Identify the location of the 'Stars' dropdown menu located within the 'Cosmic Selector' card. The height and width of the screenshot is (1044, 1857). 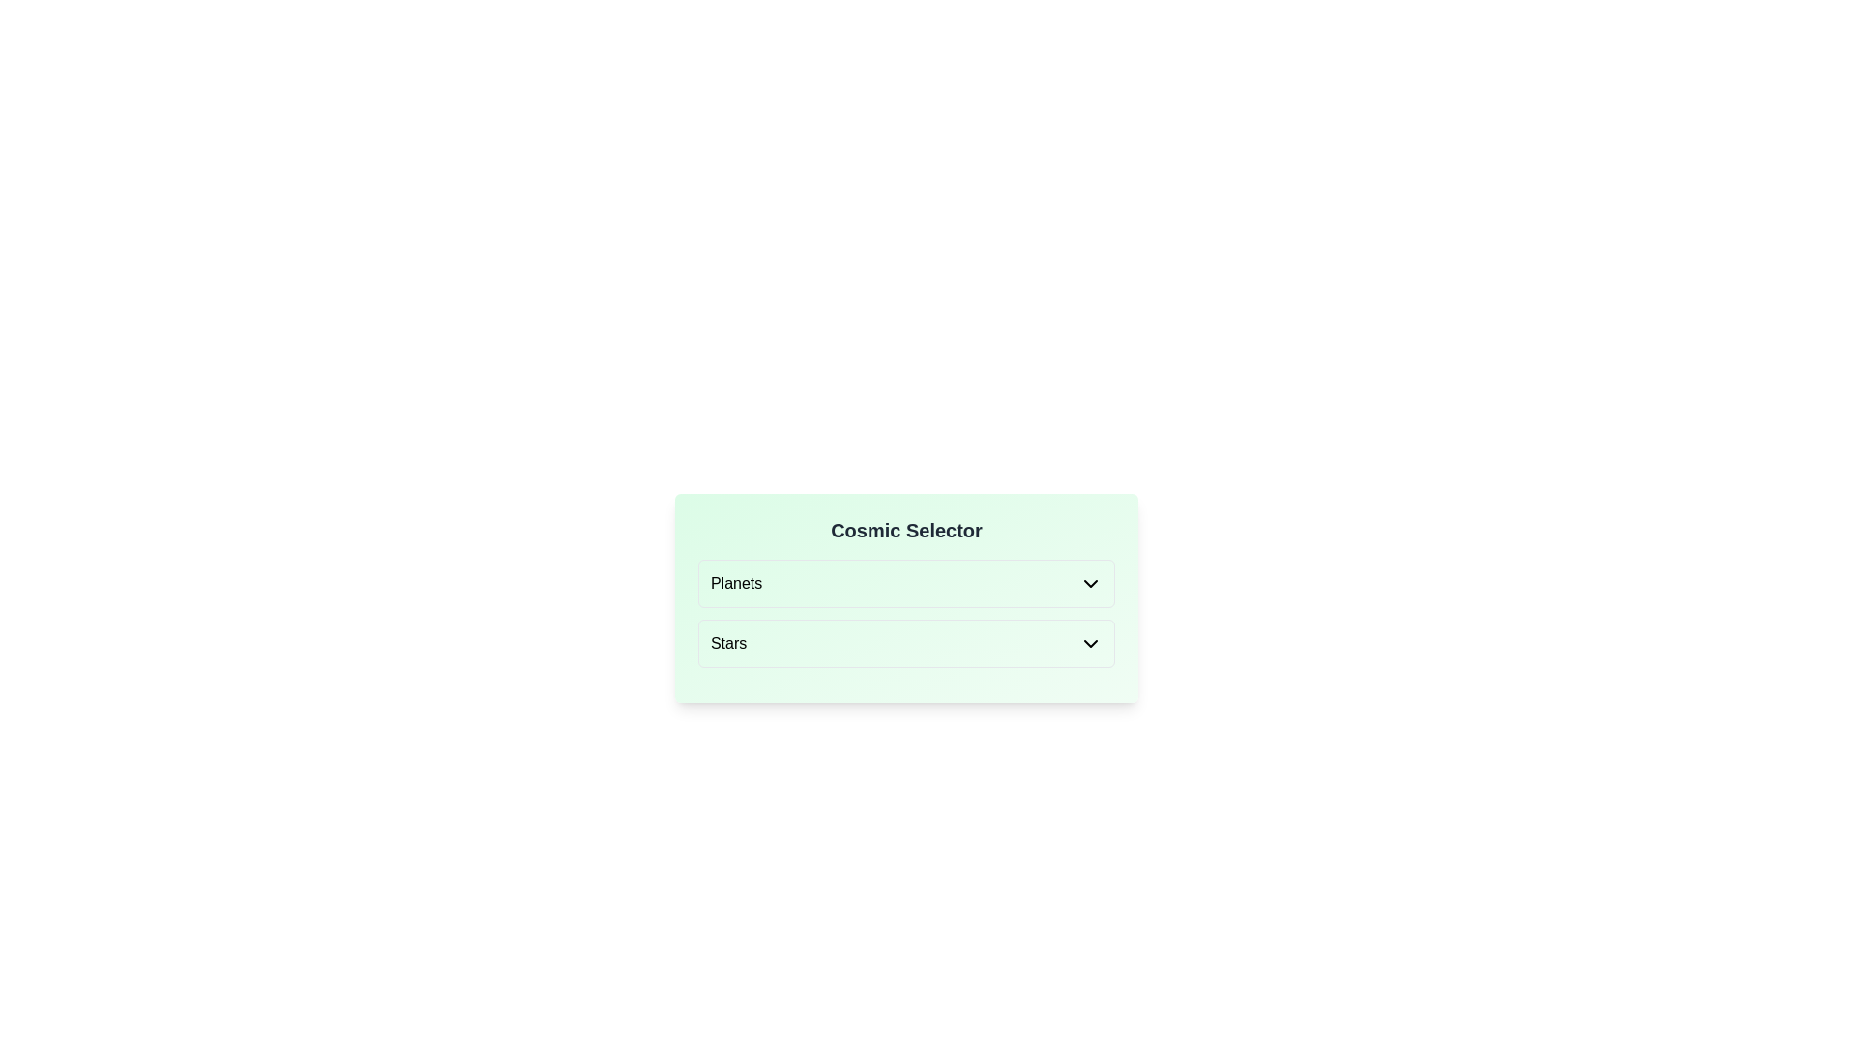
(905, 644).